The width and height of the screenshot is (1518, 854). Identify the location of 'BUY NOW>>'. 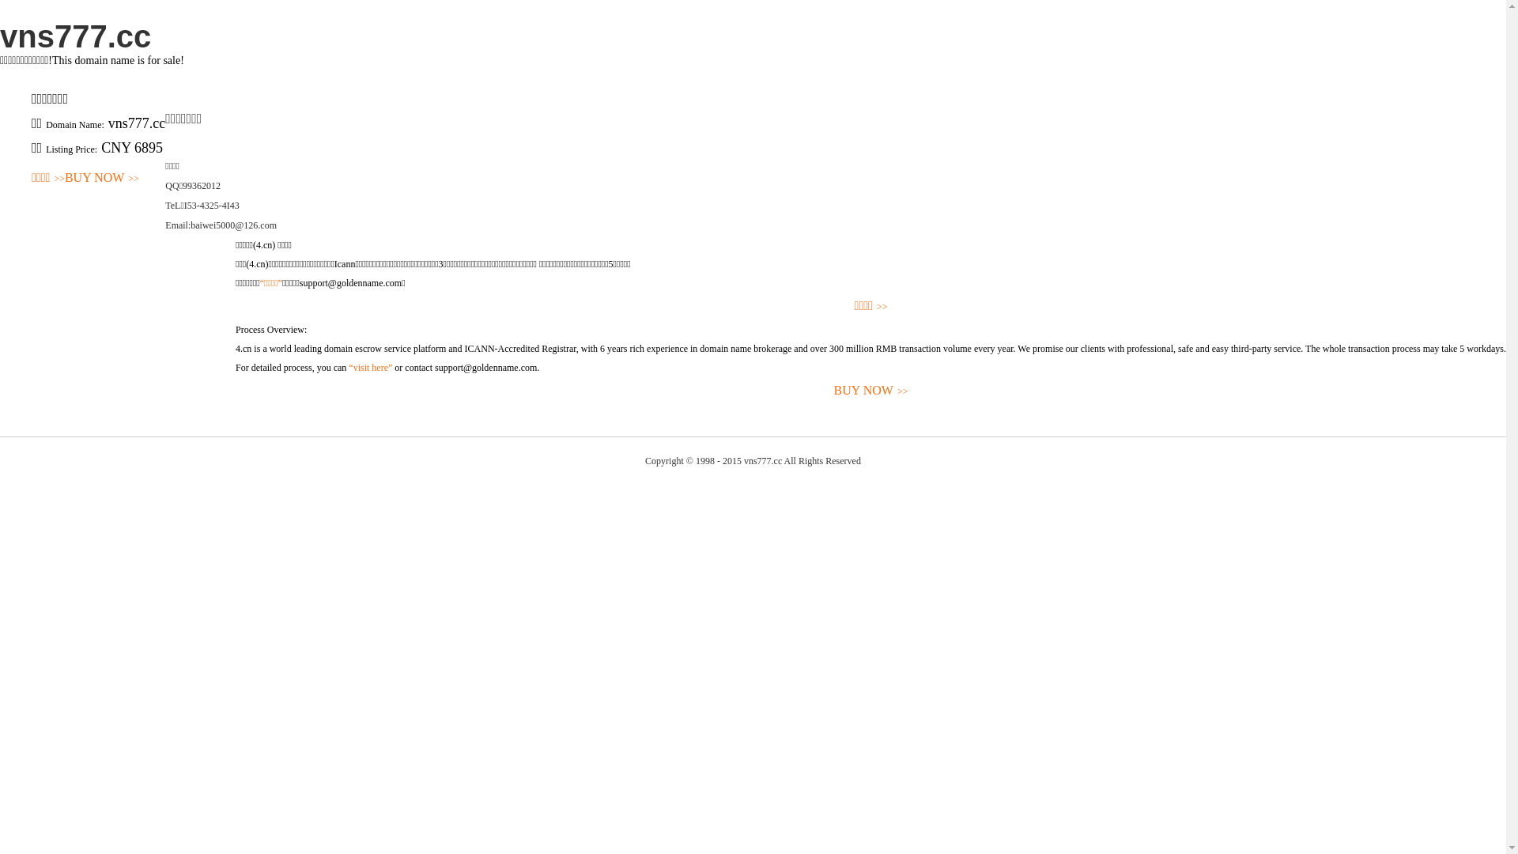
(870, 391).